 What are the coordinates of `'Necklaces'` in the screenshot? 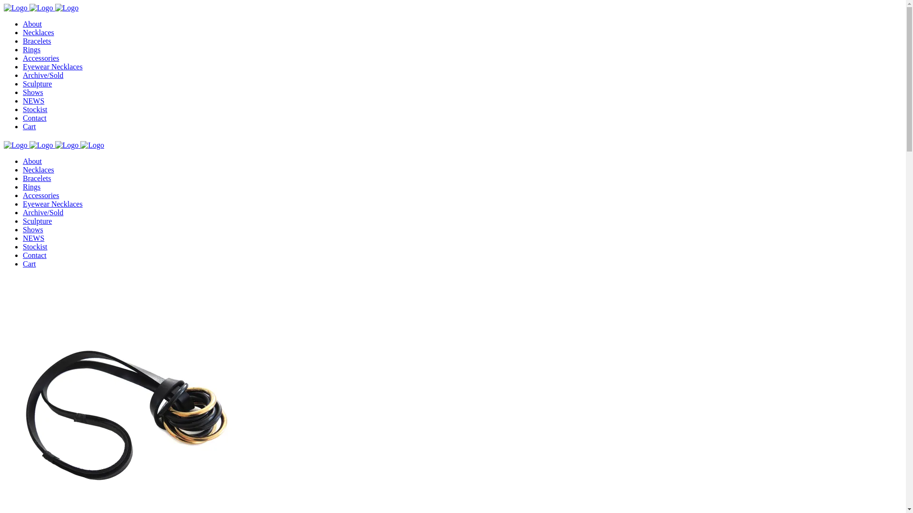 It's located at (38, 32).